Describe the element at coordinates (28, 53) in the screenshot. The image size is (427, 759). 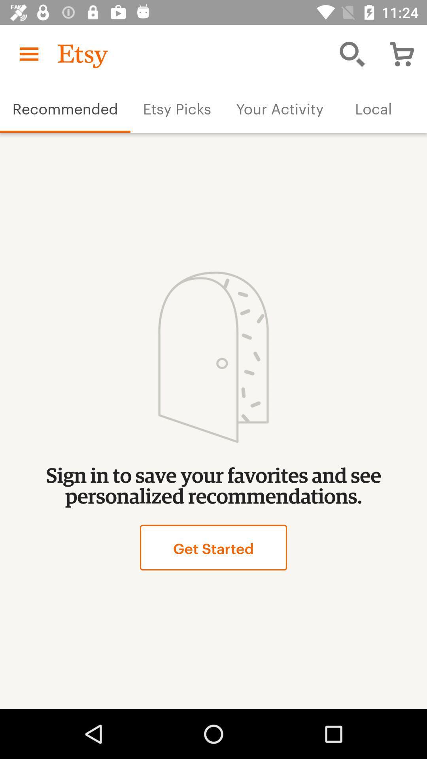
I see `the item above the recommended` at that location.